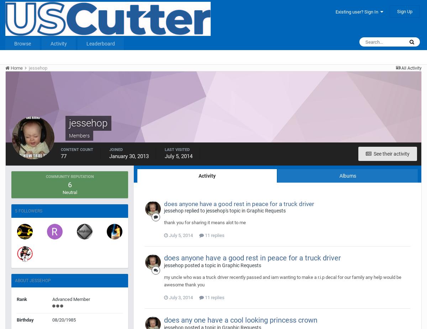  I want to click on '5 Followers', so click(28, 211).